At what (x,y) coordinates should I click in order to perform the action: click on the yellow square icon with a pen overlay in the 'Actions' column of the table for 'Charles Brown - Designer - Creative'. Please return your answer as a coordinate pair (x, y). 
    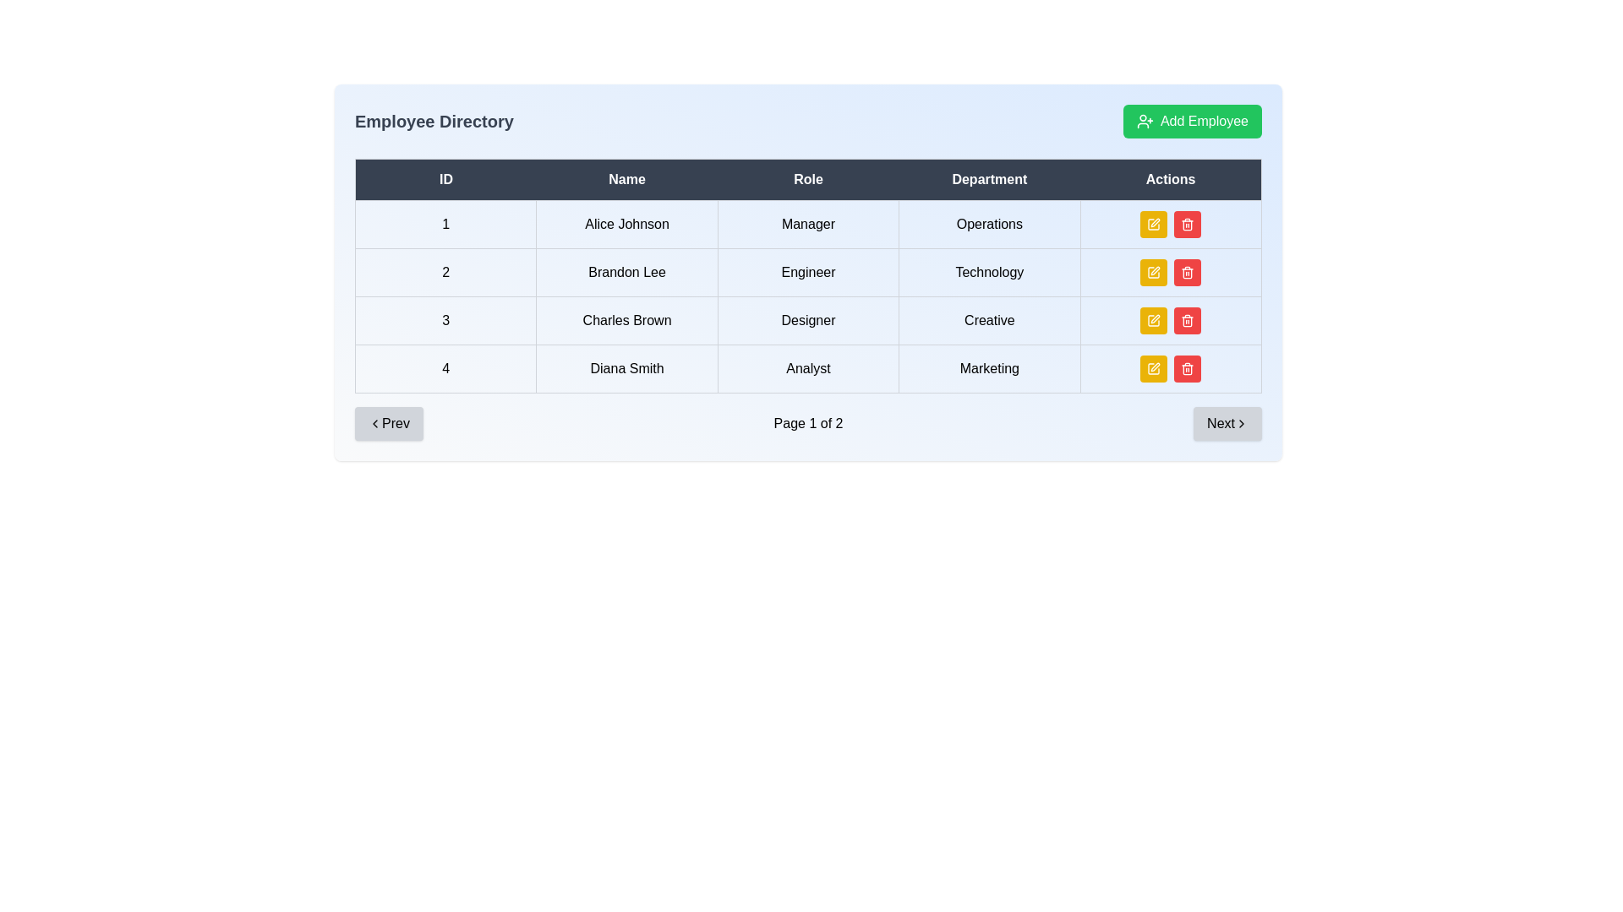
    Looking at the image, I should click on (1153, 224).